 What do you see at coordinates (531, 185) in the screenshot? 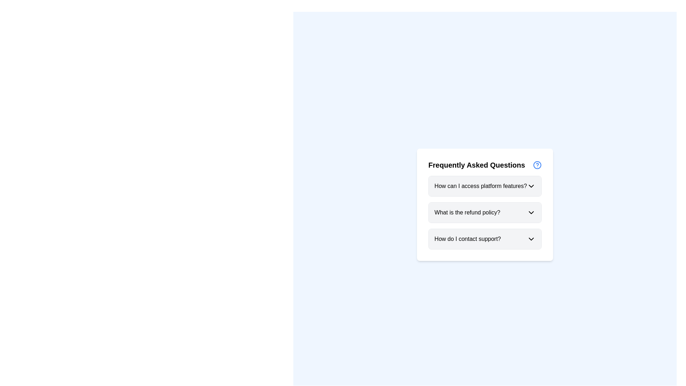
I see `the downward-pointing chevron icon on the right side of the text 'How can I access platform features?'` at bounding box center [531, 185].